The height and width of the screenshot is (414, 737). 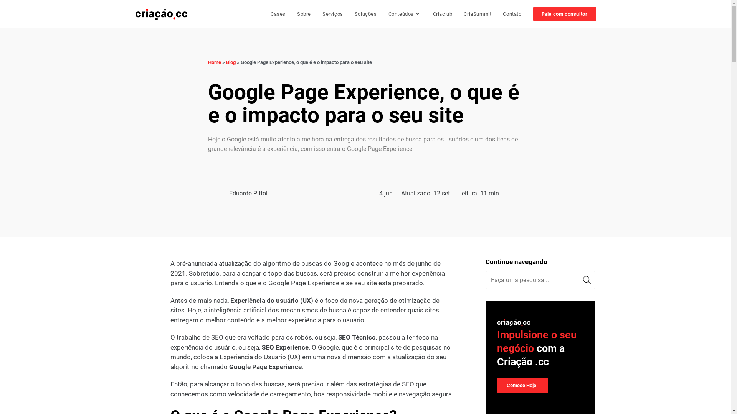 What do you see at coordinates (477, 14) in the screenshot?
I see `'CriaSummit'` at bounding box center [477, 14].